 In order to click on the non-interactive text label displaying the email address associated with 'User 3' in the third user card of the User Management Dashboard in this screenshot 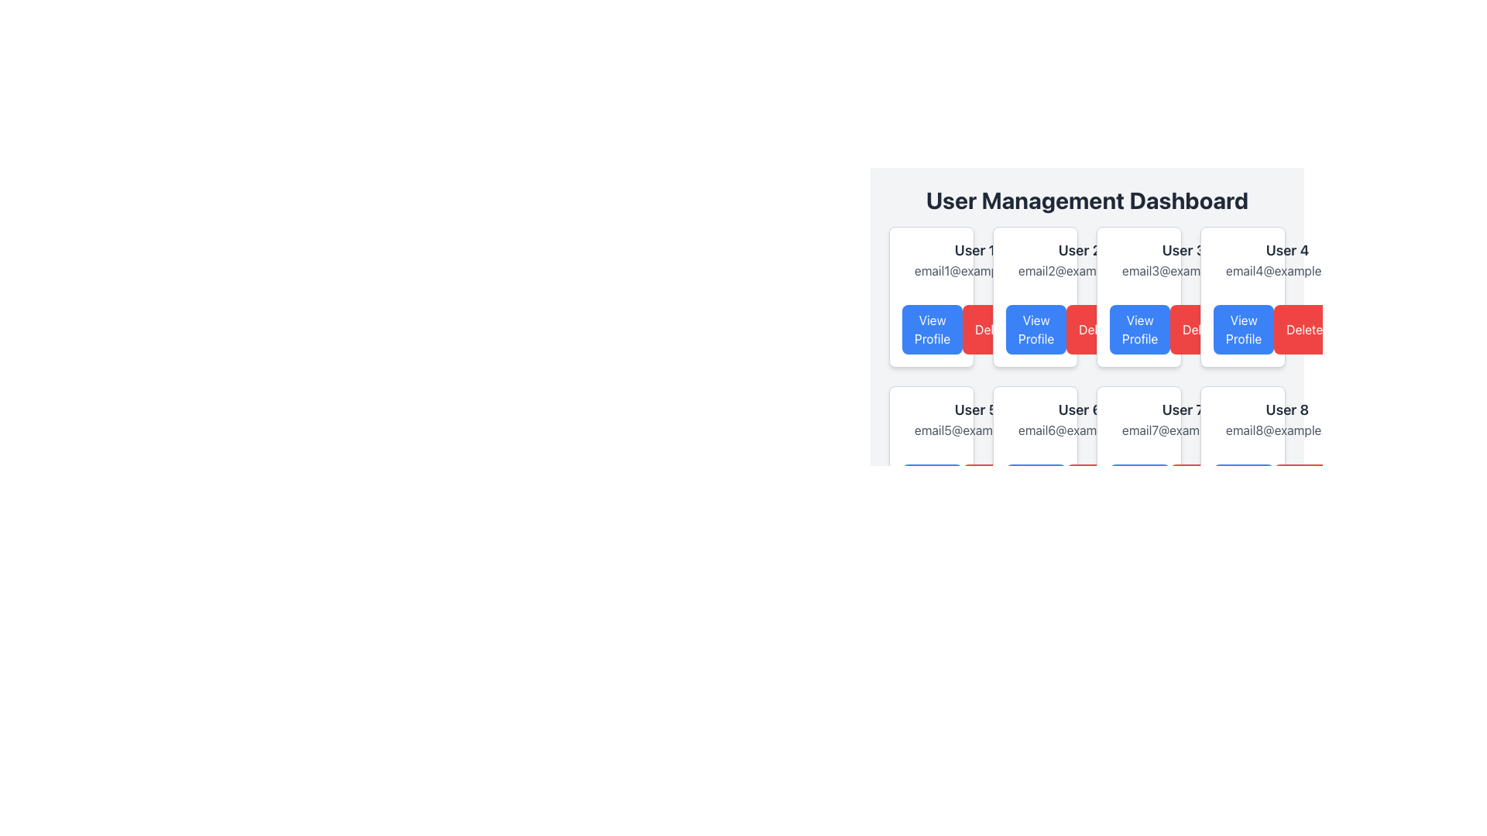, I will do `click(1183, 270)`.